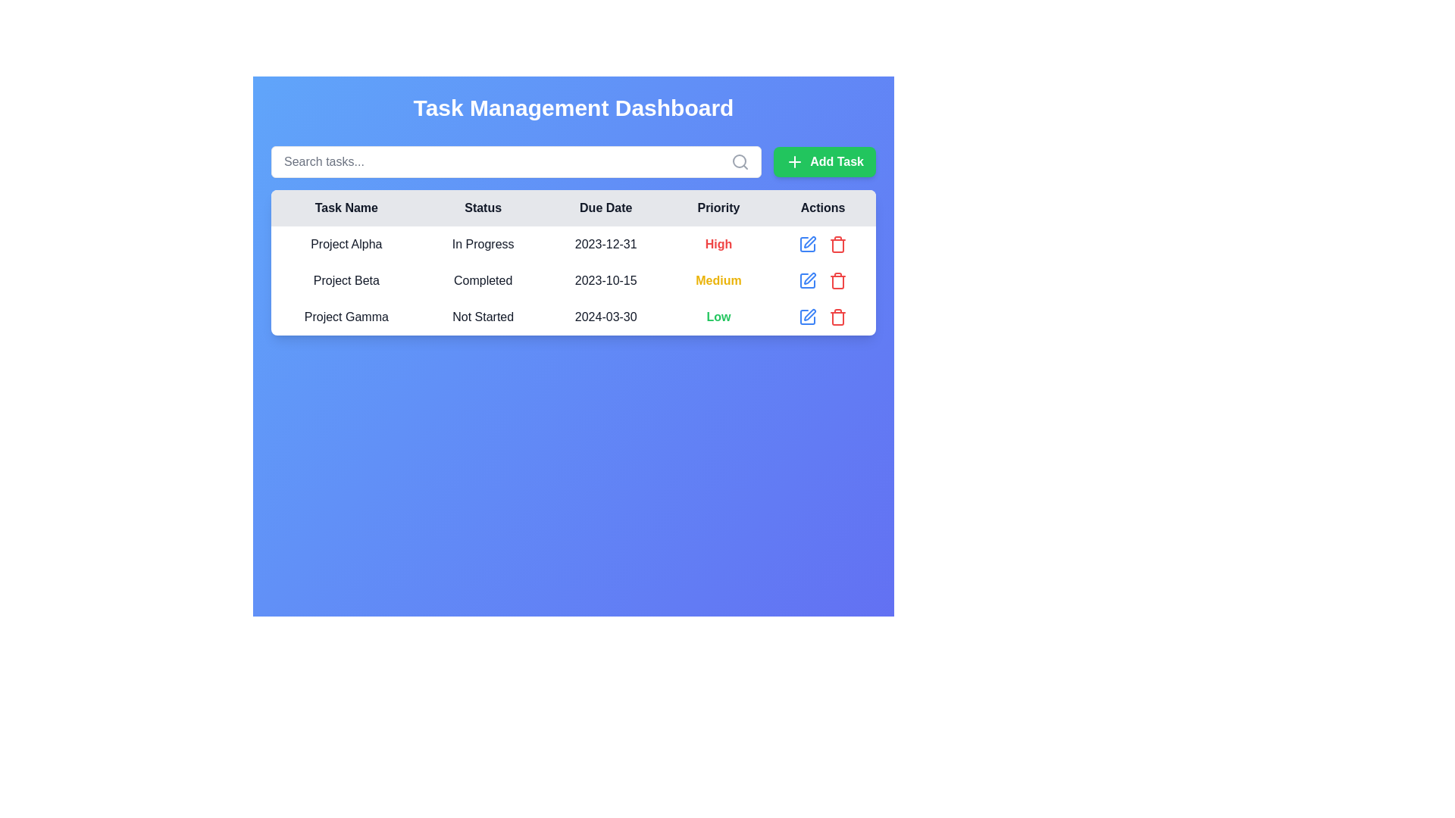 This screenshot has height=818, width=1455. What do you see at coordinates (482, 208) in the screenshot?
I see `the Table header cell displaying 'Status' in bold font, which is the second column header in the table and positioned between 'Task Name' and 'Due Date'` at bounding box center [482, 208].